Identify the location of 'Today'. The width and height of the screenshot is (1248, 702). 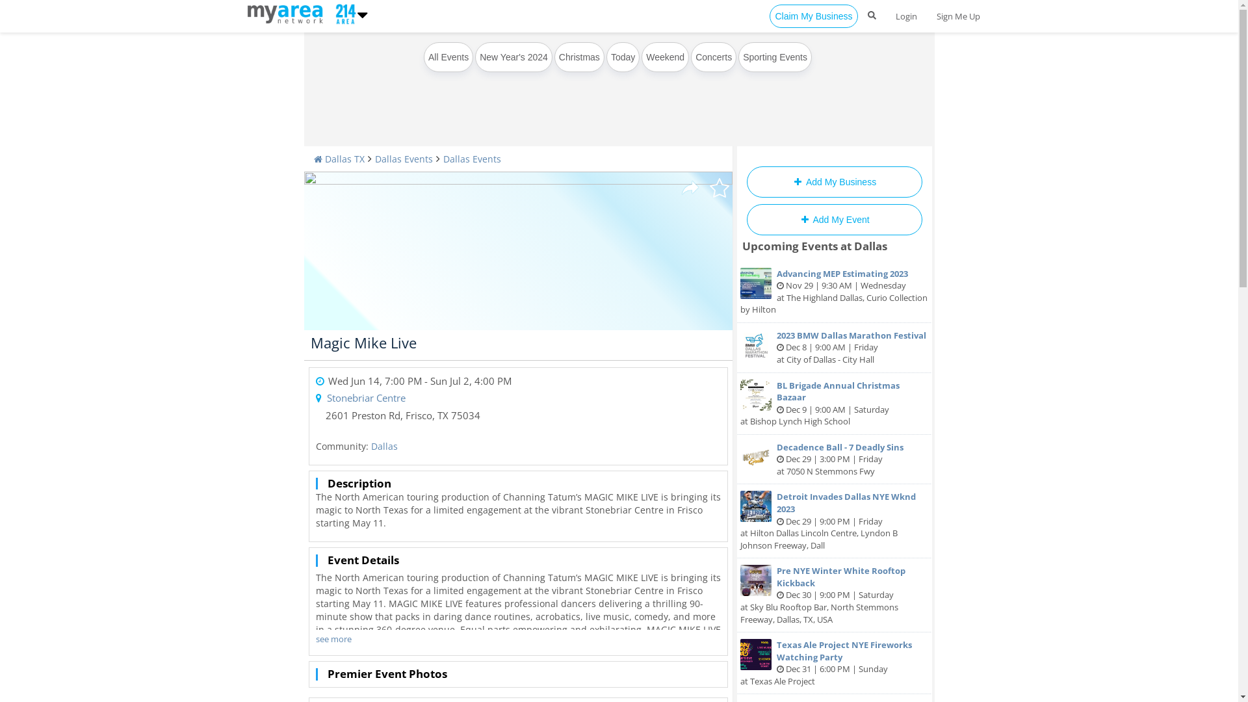
(622, 57).